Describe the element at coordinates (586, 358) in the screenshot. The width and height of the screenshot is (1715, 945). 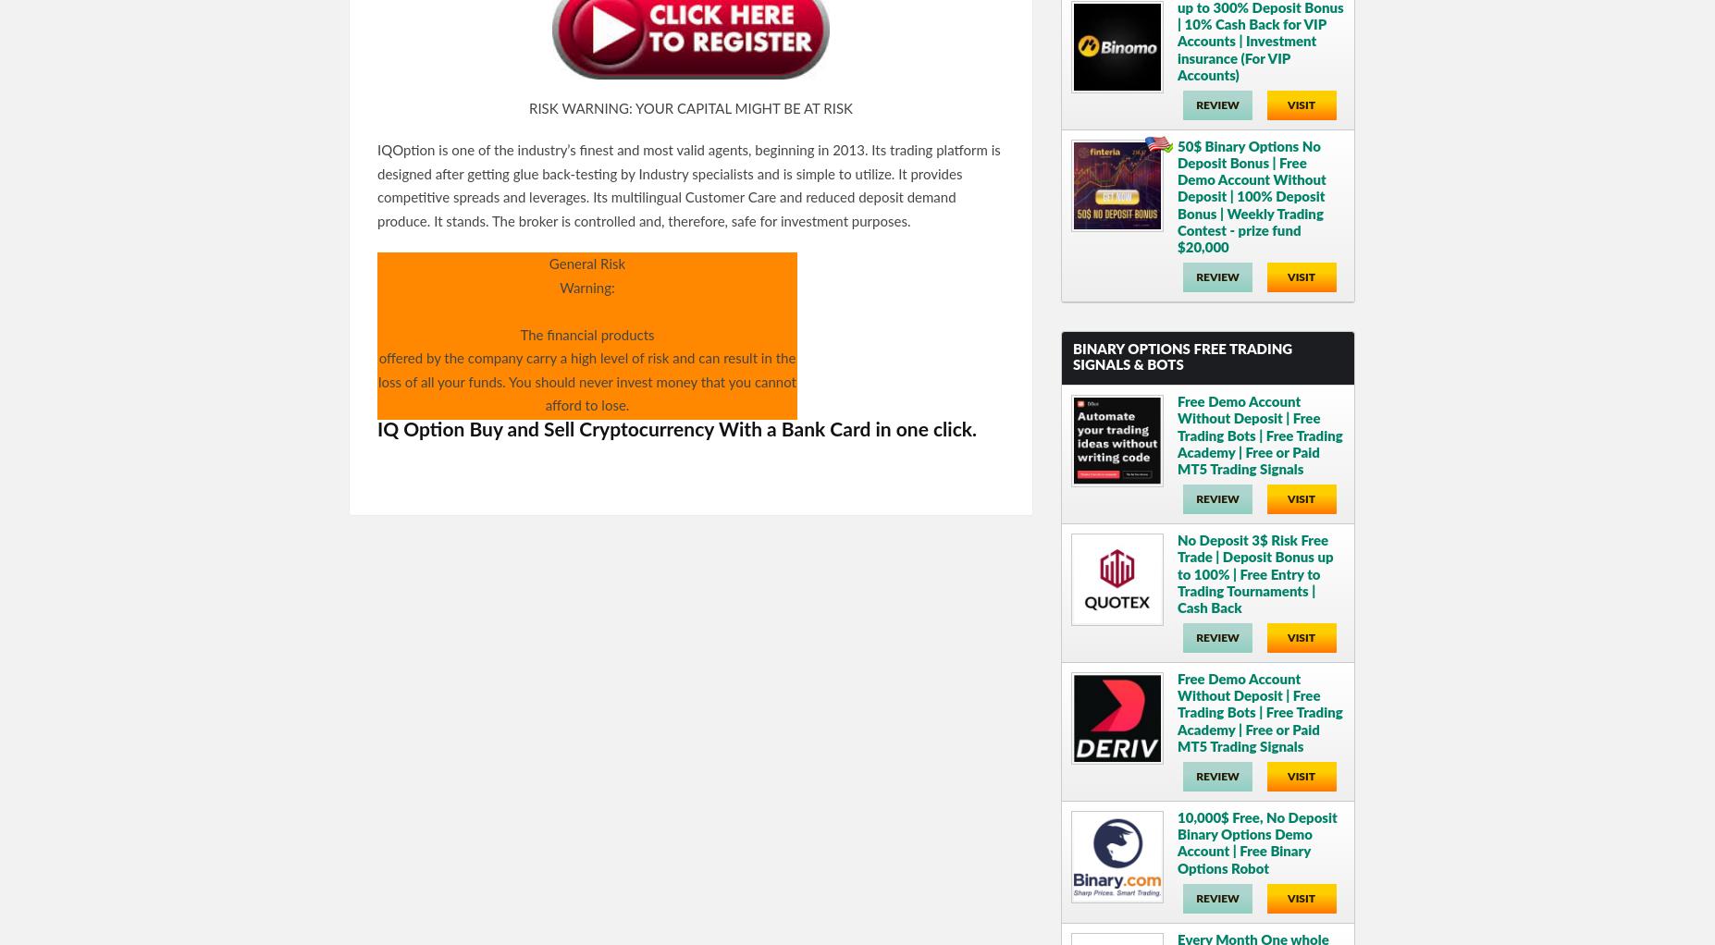
I see `'offered by the company carry a high level of risk and can result in the'` at that location.